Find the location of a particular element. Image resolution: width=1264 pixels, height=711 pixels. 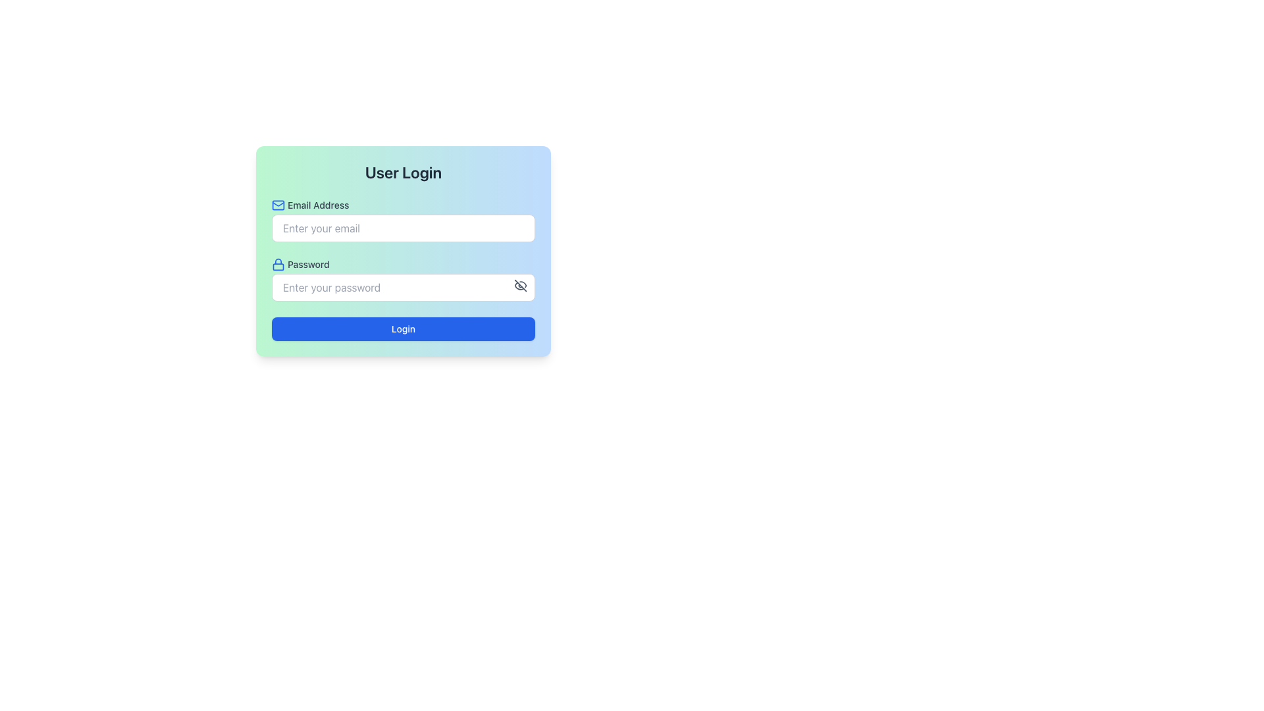

the eye-shaped icon within the password input field that symbolizes the 'hide password' functionality is located at coordinates (520, 285).